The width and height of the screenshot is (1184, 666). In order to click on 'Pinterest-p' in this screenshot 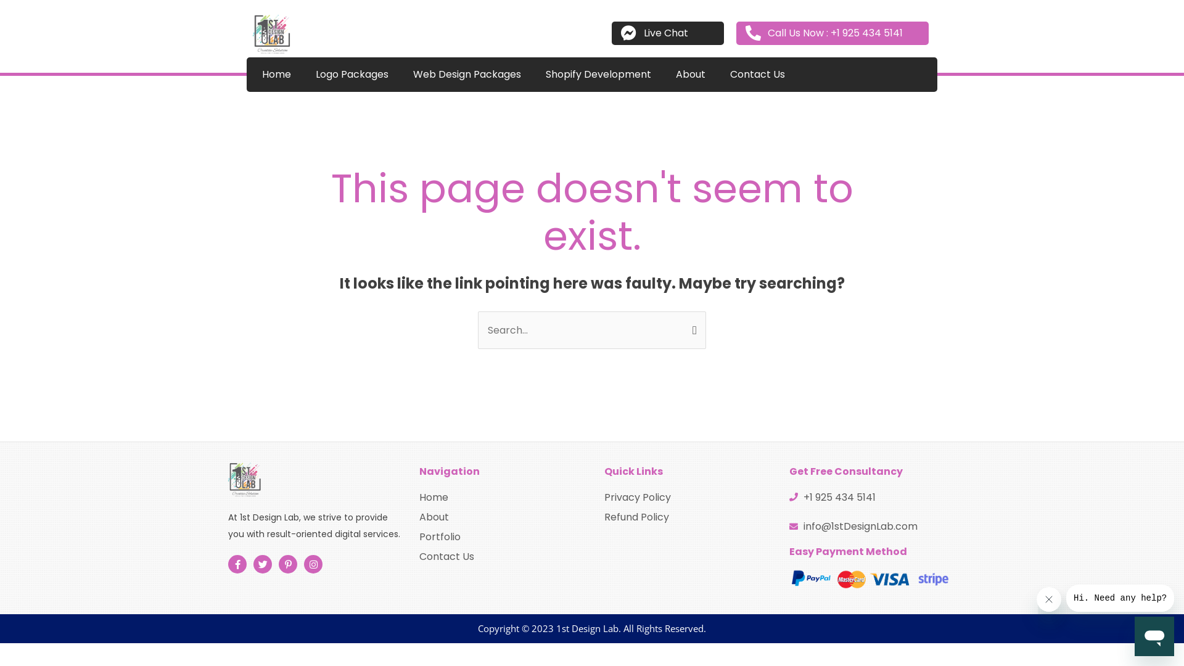, I will do `click(287, 564)`.